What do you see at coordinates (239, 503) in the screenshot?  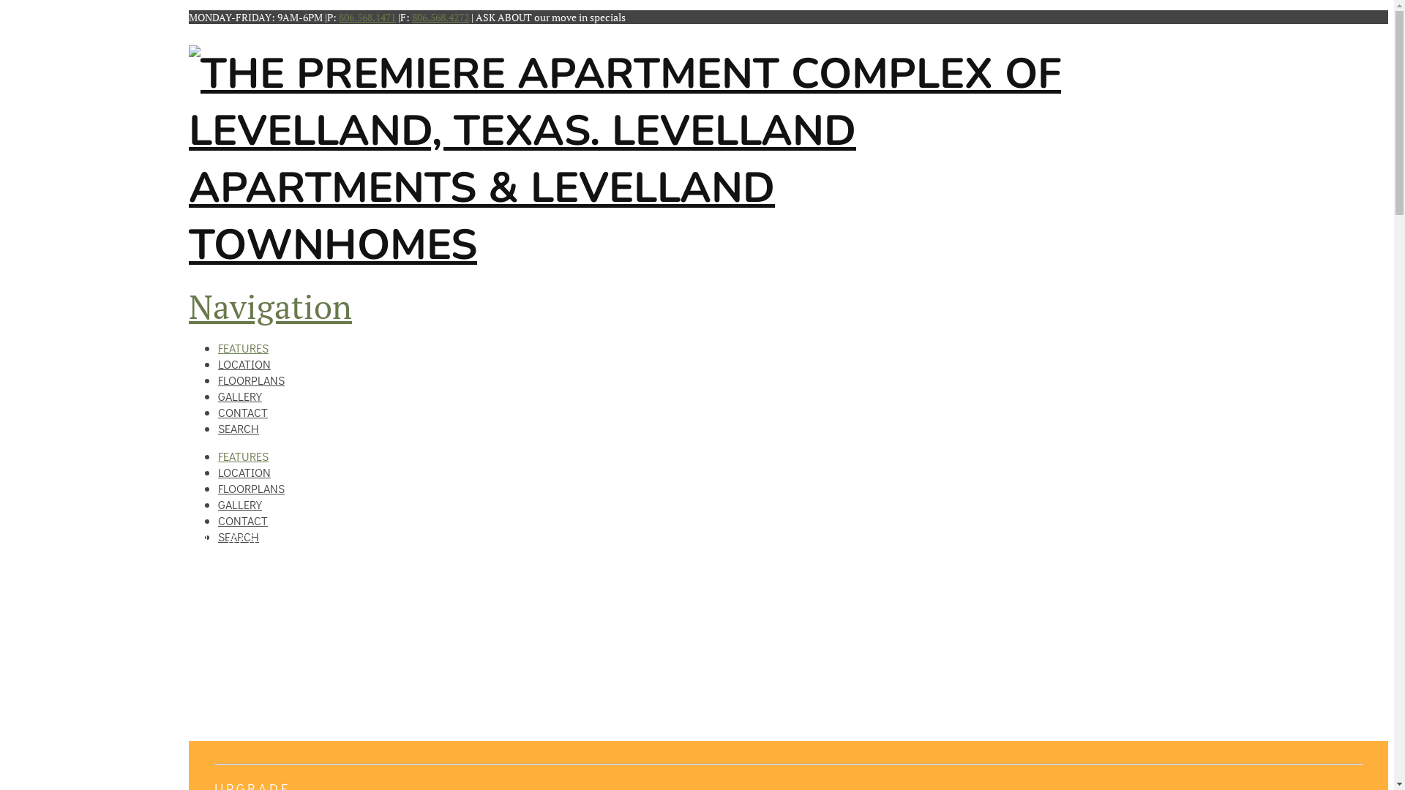 I see `'GALLERY'` at bounding box center [239, 503].